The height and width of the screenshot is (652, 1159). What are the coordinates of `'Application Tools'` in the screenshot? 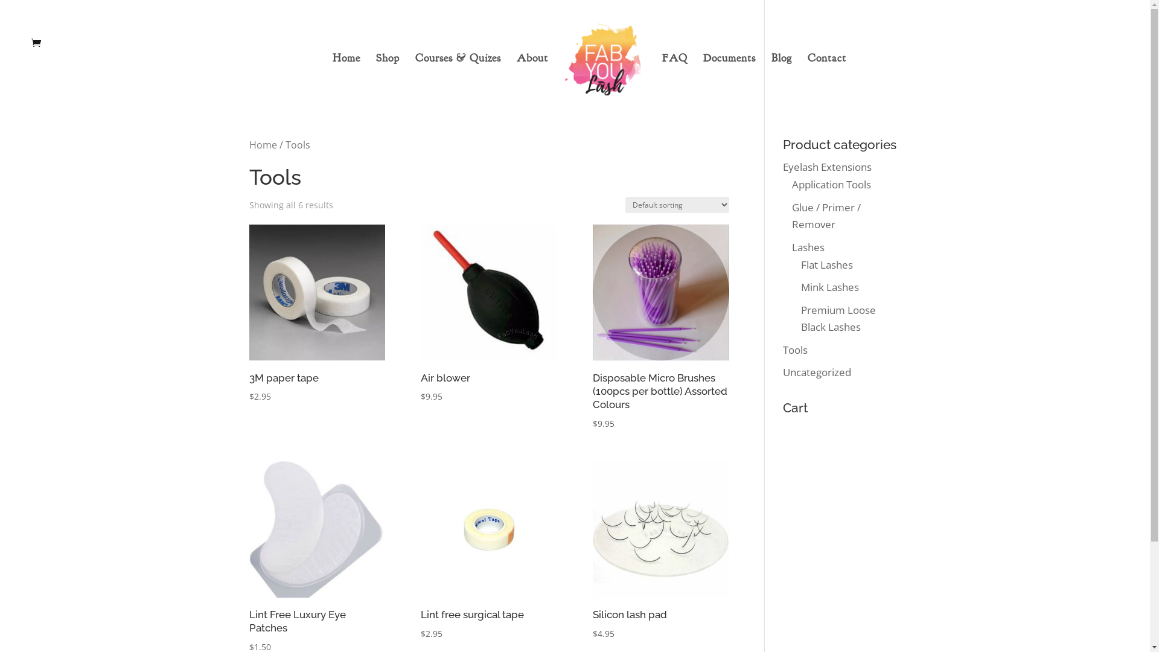 It's located at (831, 184).